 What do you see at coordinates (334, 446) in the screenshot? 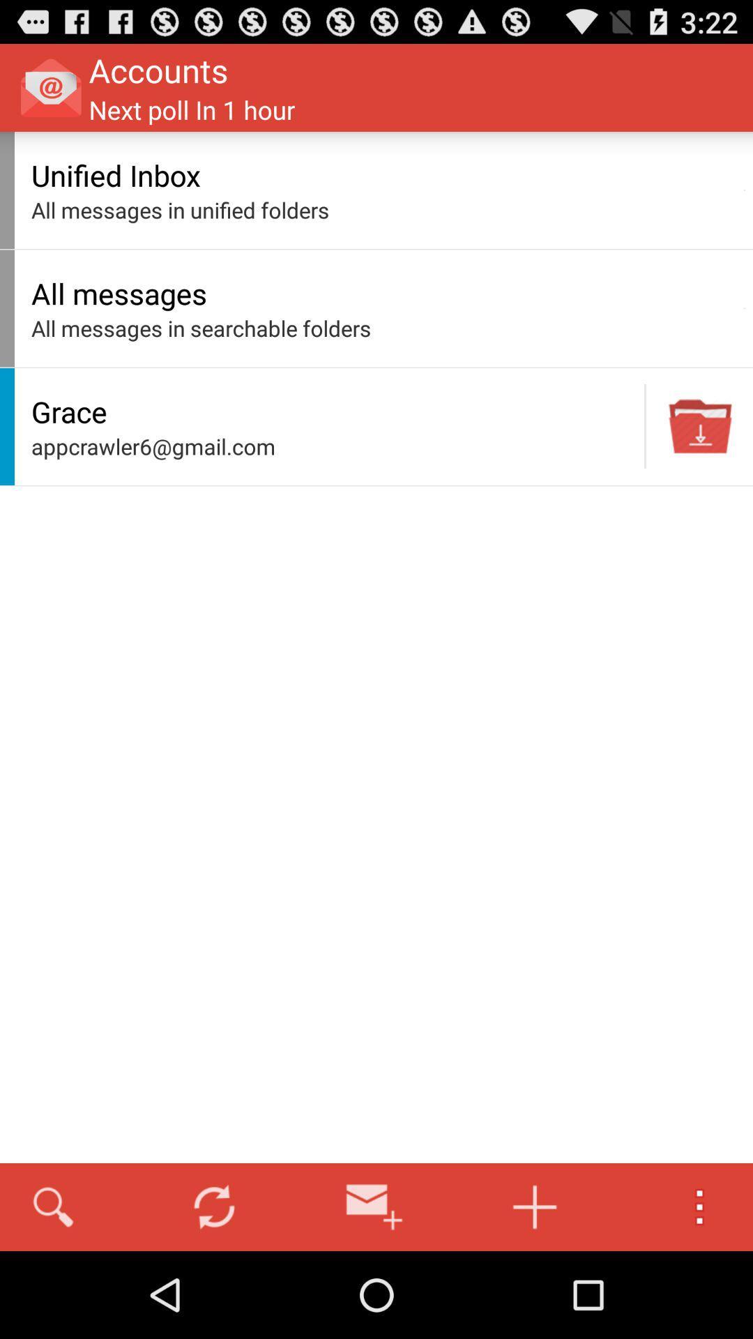
I see `item at the center` at bounding box center [334, 446].